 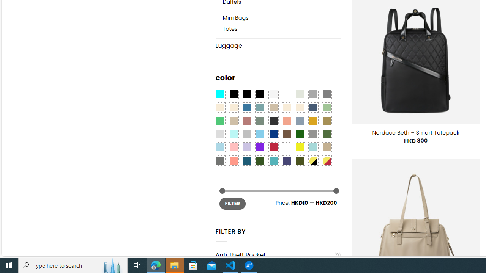 What do you see at coordinates (327, 160) in the screenshot?
I see `'Yellow-Red'` at bounding box center [327, 160].